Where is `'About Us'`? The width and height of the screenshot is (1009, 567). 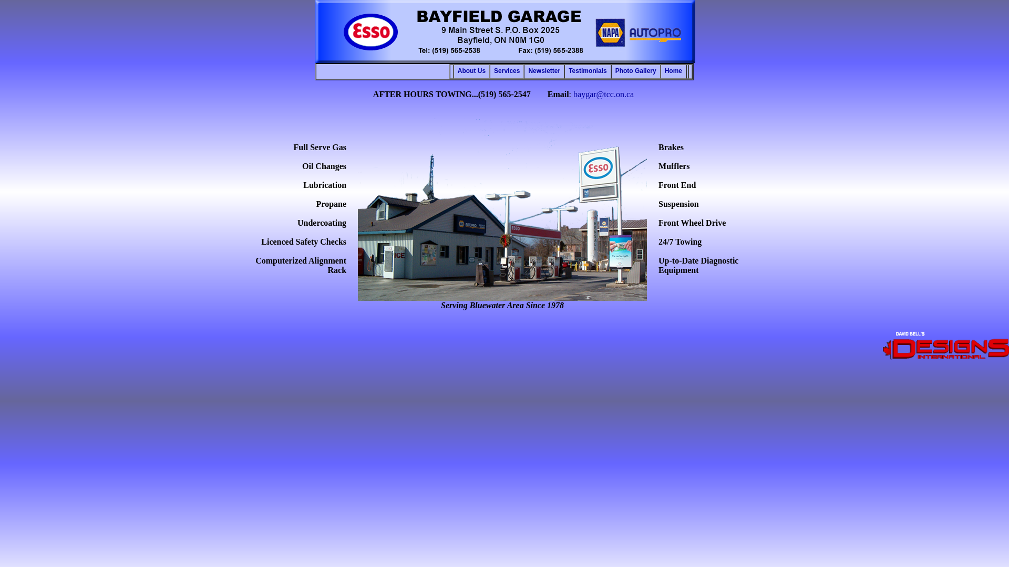
'About Us' is located at coordinates (471, 71).